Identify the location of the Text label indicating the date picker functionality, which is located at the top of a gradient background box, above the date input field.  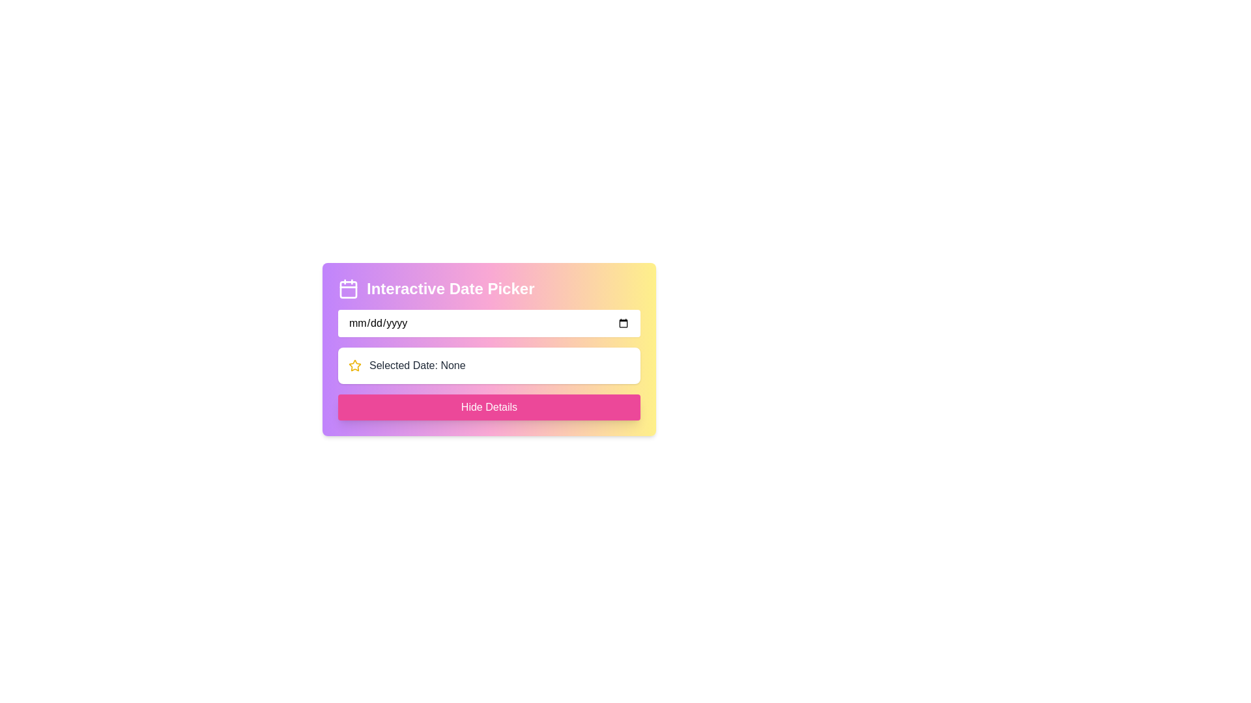
(488, 288).